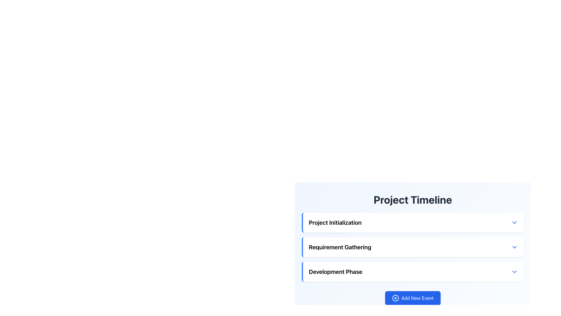 The width and height of the screenshot is (561, 316). I want to click on the third Collapsible List Item in the Project Timeline section, which is located between 'Requirement Gathering' and 'Add New Event', so click(413, 272).